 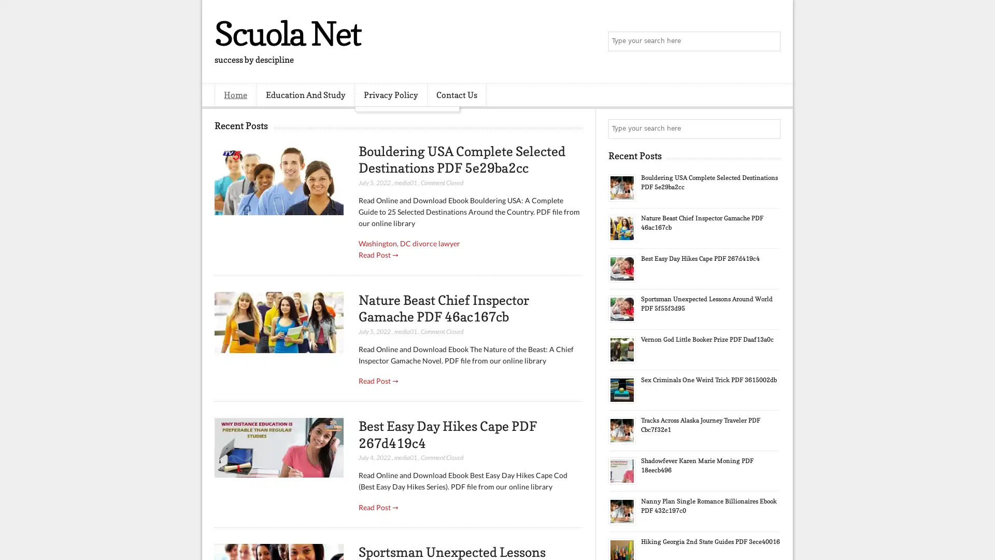 I want to click on Search, so click(x=770, y=41).